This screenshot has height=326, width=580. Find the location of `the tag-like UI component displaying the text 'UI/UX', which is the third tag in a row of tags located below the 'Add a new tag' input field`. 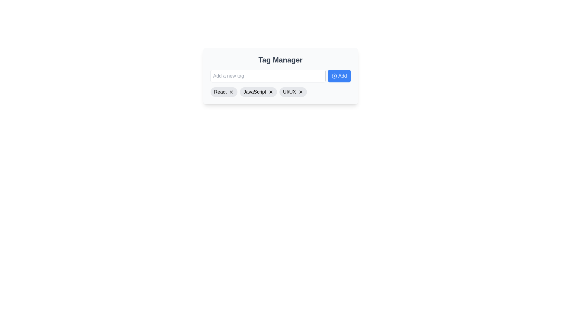

the tag-like UI component displaying the text 'UI/UX', which is the third tag in a row of tags located below the 'Add a new tag' input field is located at coordinates (289, 92).